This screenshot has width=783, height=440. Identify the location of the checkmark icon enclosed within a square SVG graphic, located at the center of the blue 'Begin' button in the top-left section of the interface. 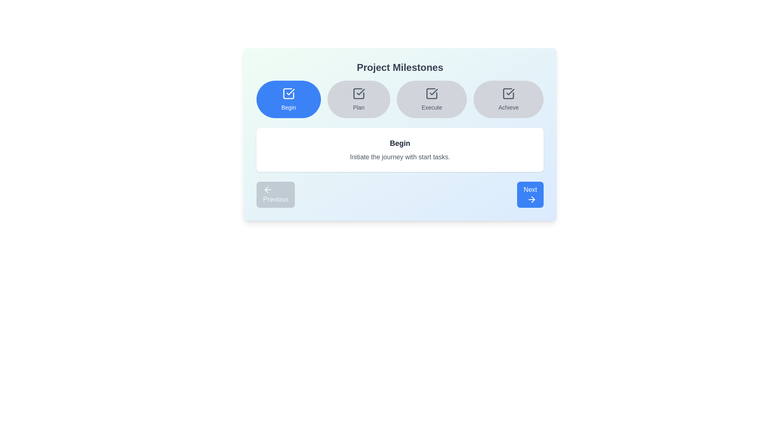
(290, 92).